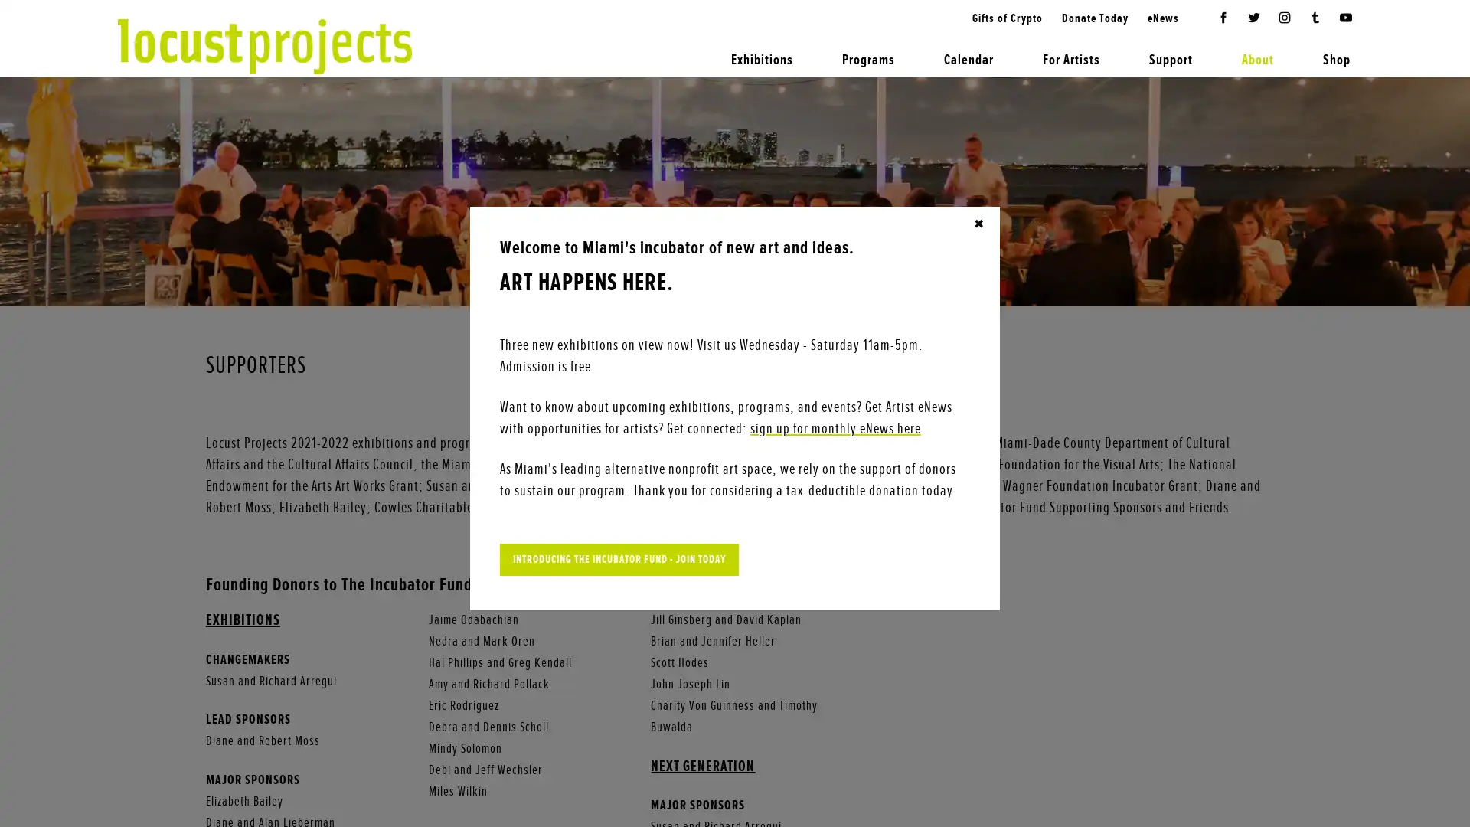 The width and height of the screenshot is (1470, 827). I want to click on INTRODUCING THE INCUBATOR FUND - JOIN TODAY, so click(618, 559).